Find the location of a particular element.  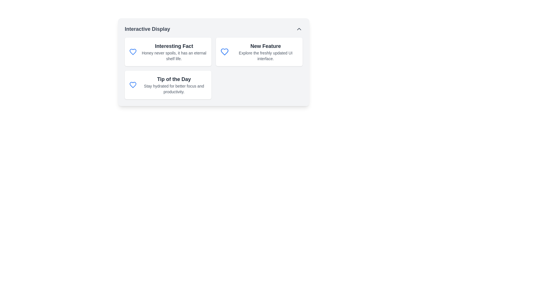

the Text Label that serves as the title for a tip section, positioned below 'Interesting Fact' and to the left of 'New Feature' is located at coordinates (174, 79).